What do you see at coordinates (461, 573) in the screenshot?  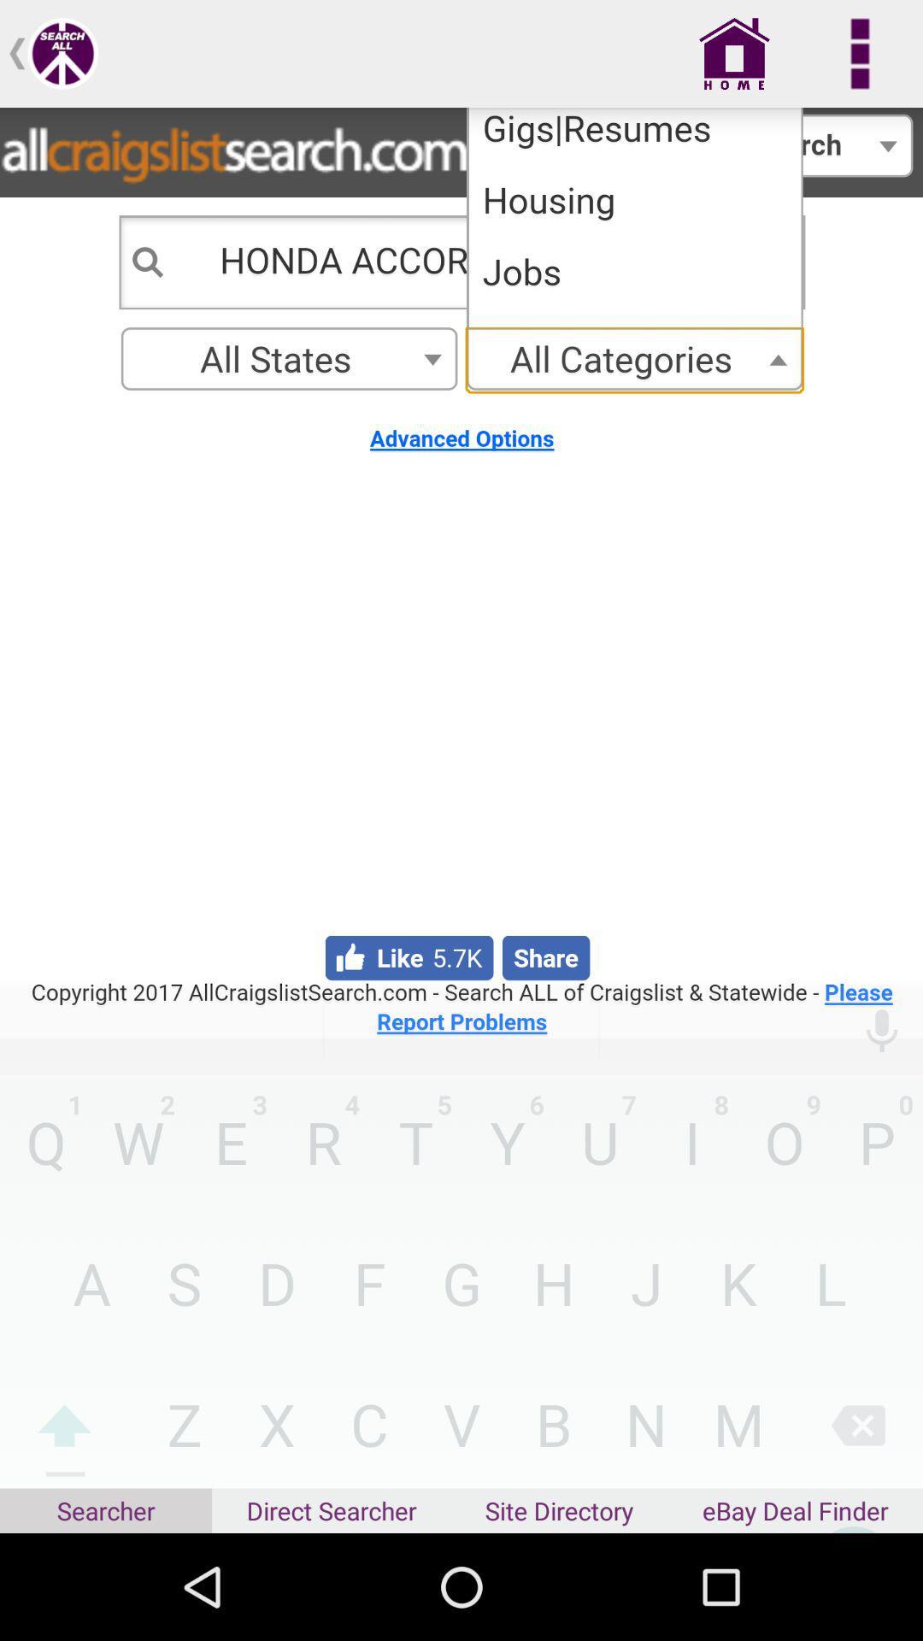 I see `allcraigslist.search.com screen` at bounding box center [461, 573].